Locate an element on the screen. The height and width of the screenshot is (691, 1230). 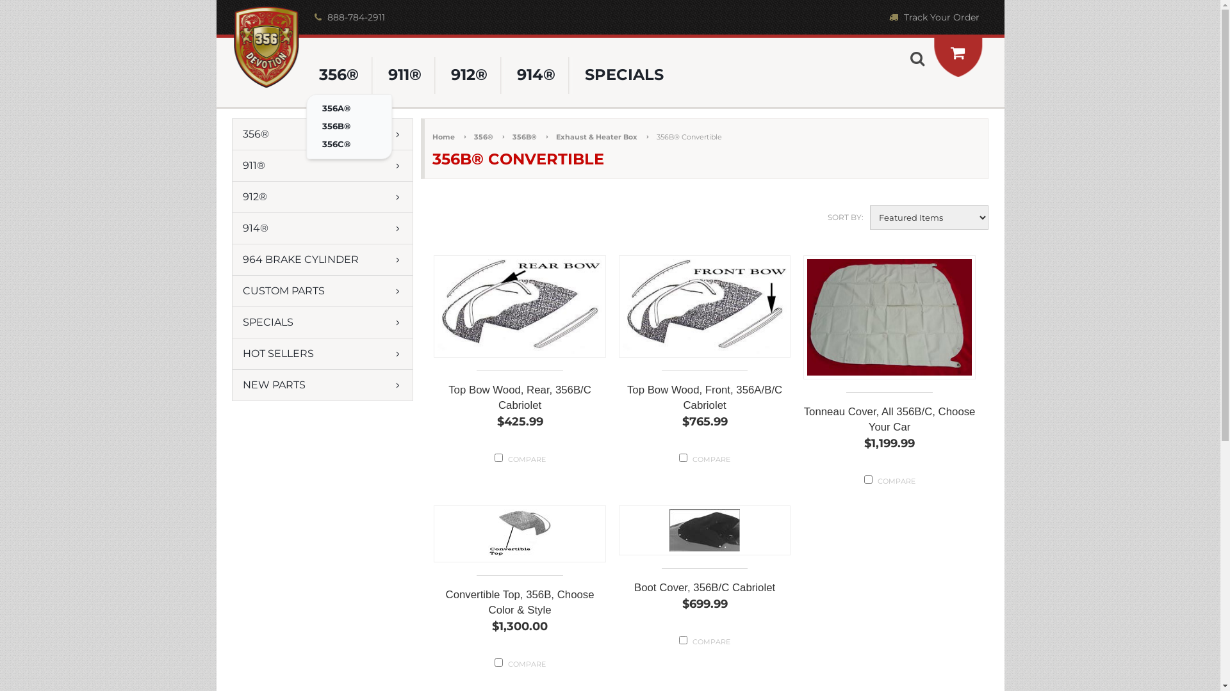
'2017' is located at coordinates (682, 457).